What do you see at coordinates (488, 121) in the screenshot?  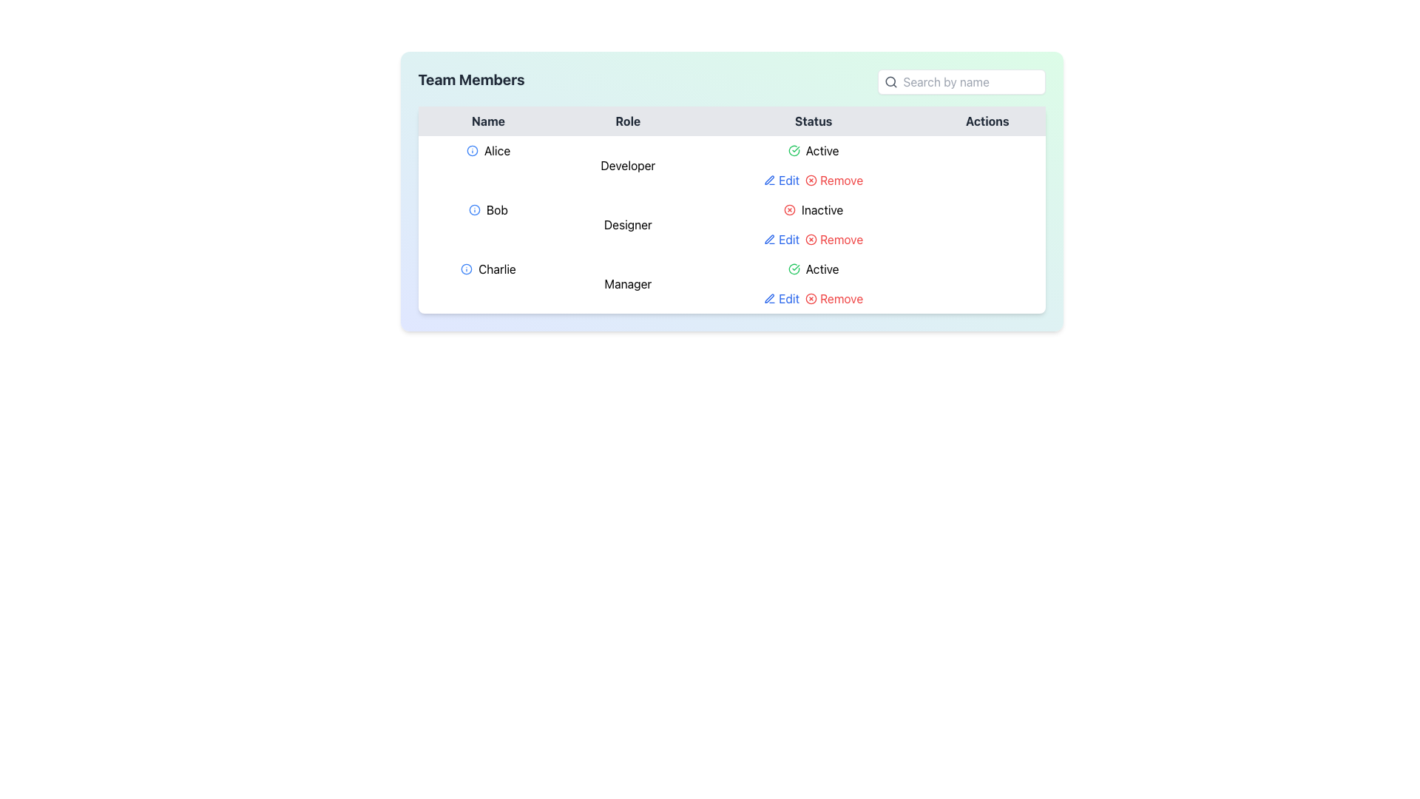 I see `the 'Name' label, which serves as the column header in the grid indicating the data pertains to names` at bounding box center [488, 121].